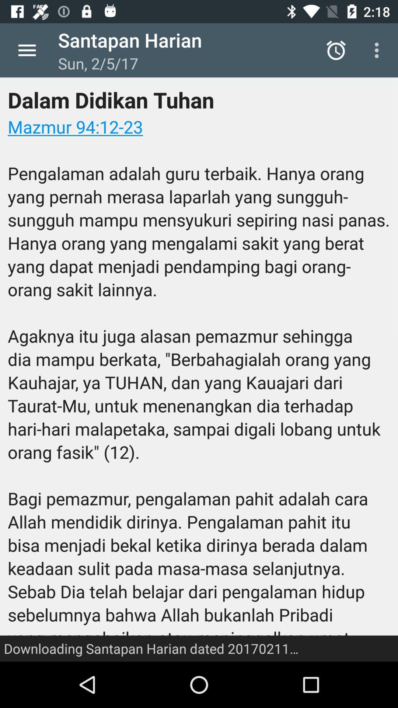 The width and height of the screenshot is (398, 708). I want to click on icon above the dalam didikan tuhan icon, so click(336, 50).